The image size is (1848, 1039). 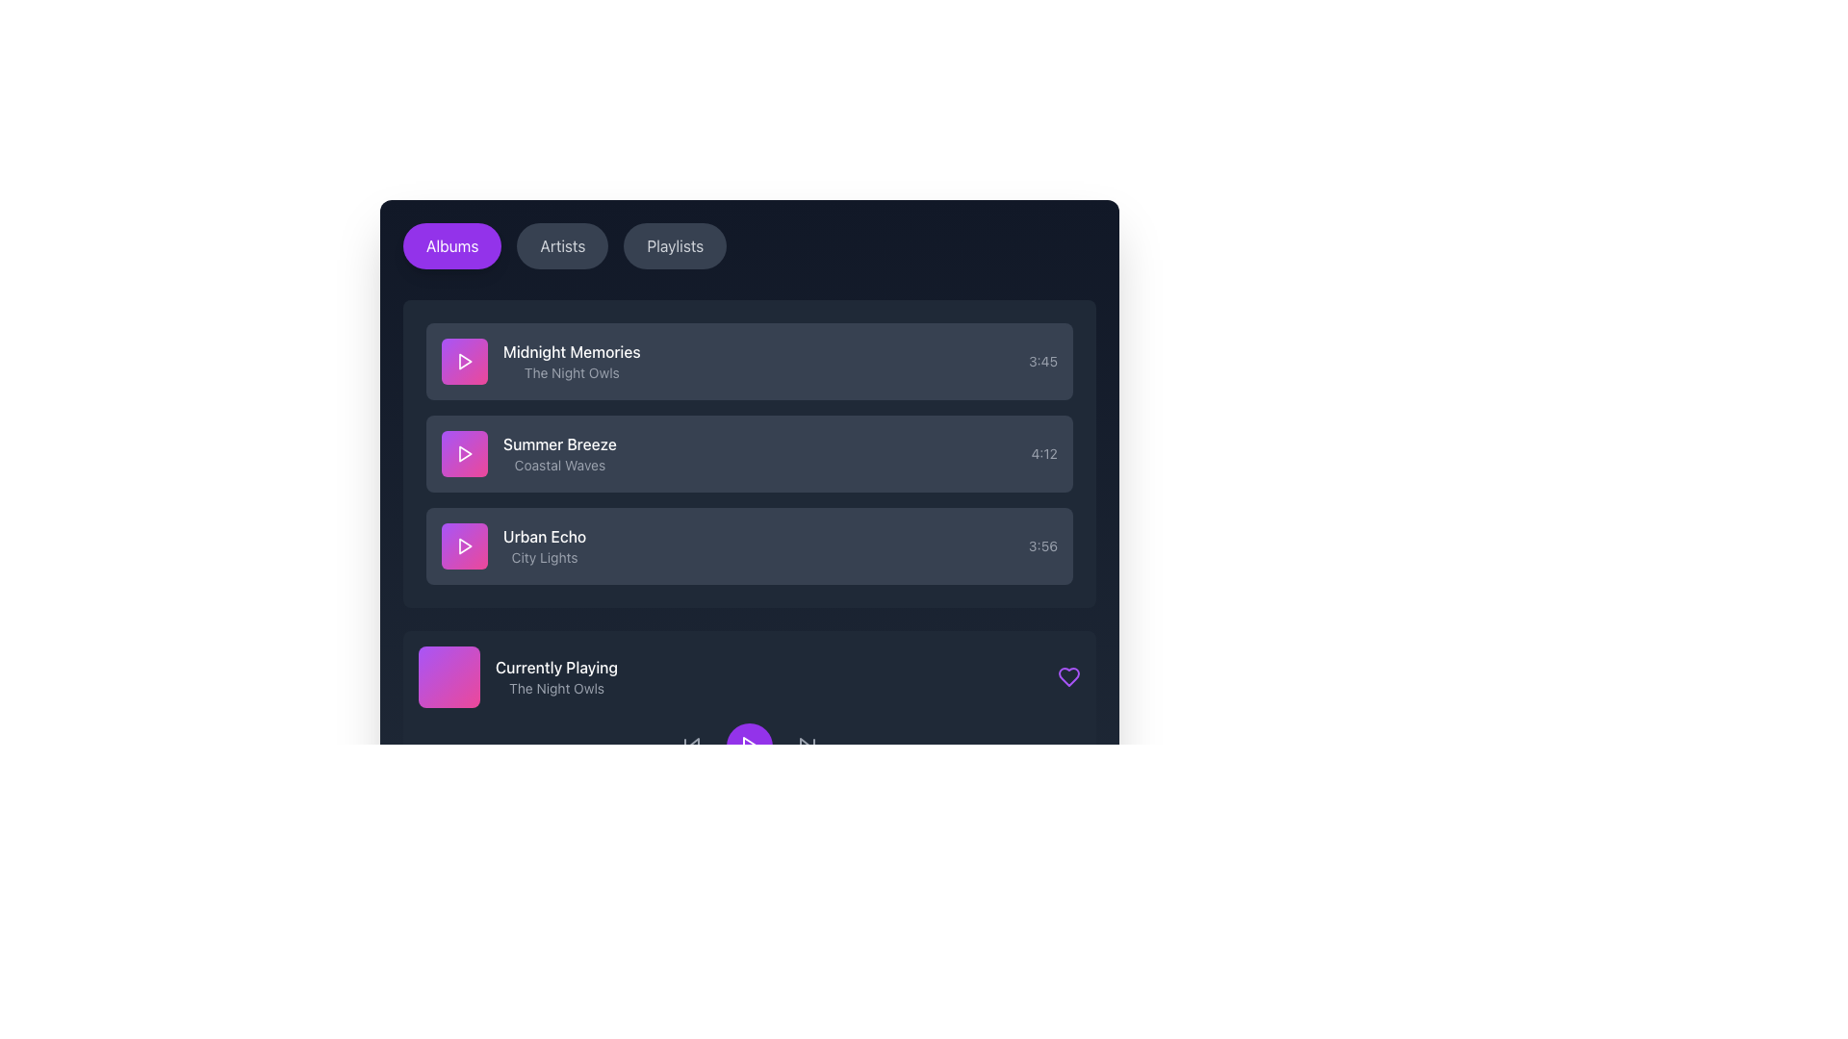 I want to click on the pink gradient play button featuring a white triangle icon to play the associated content, so click(x=465, y=545).